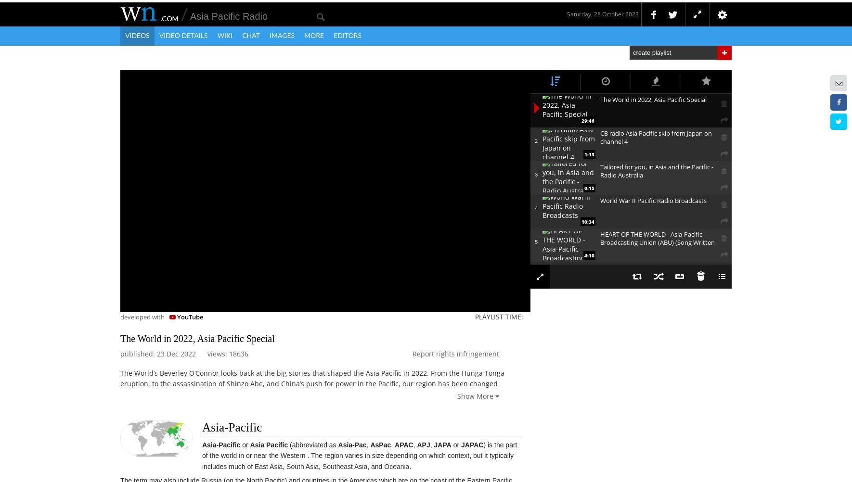 This screenshot has height=482, width=852. I want to click on 'Most Related', so click(555, 71).